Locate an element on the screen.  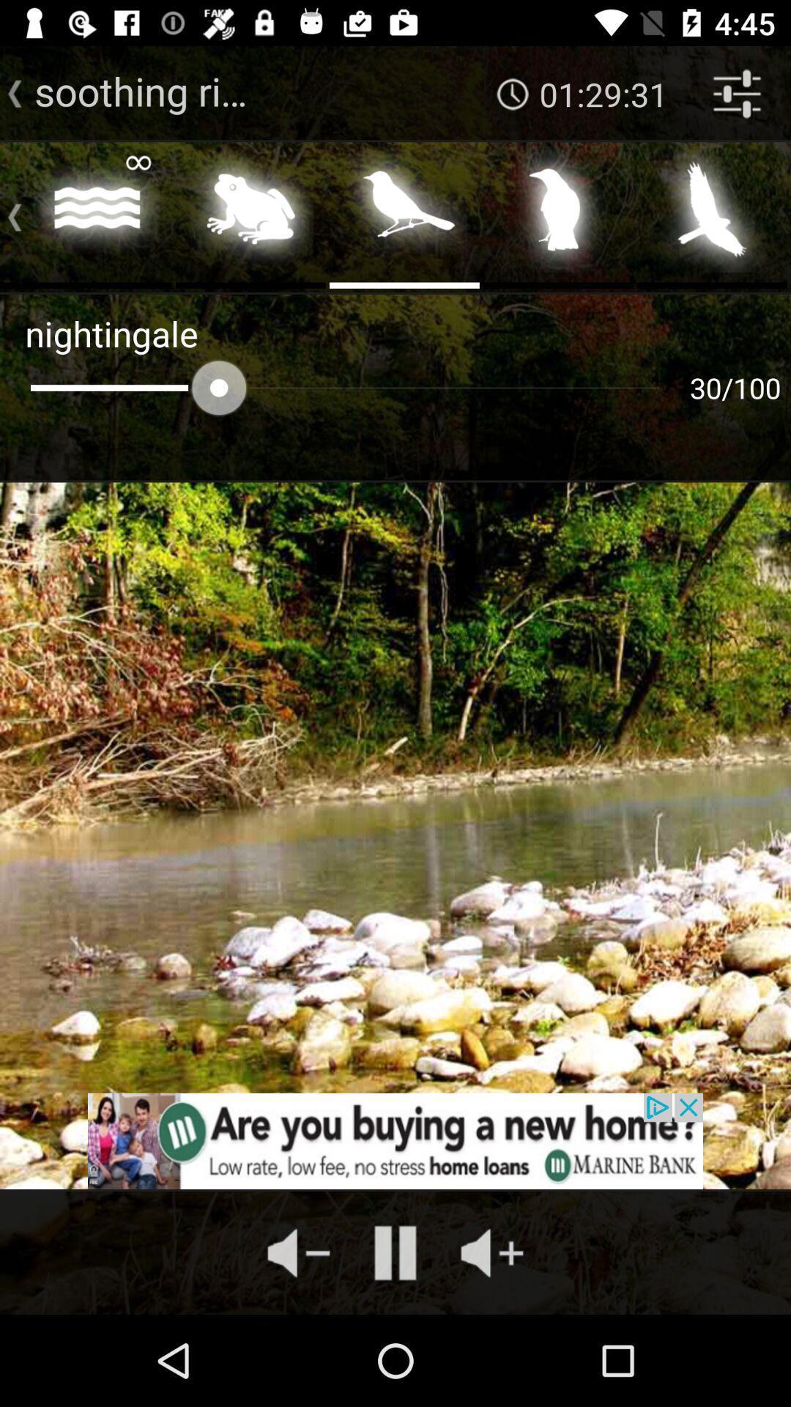
option is located at coordinates (404, 213).